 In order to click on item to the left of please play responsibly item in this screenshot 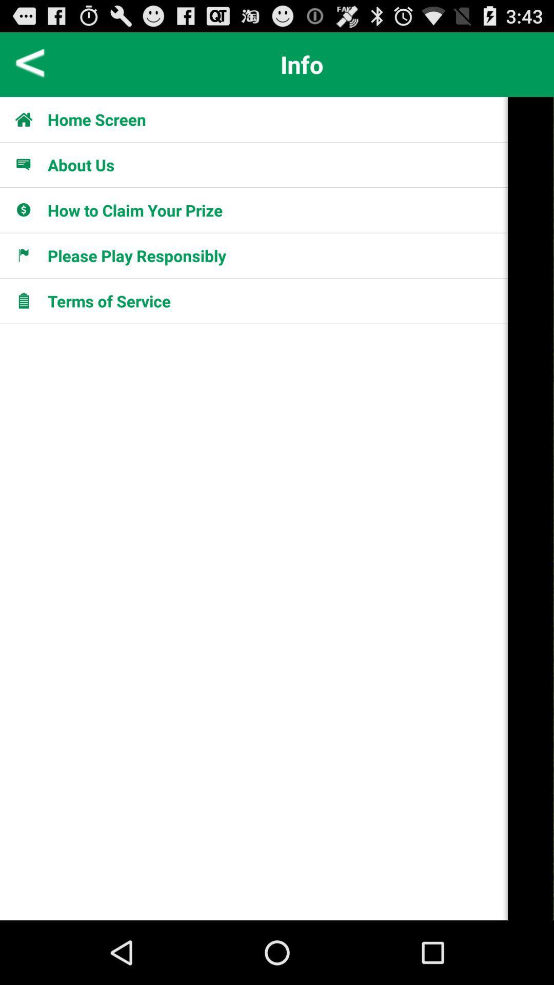, I will do `click(29, 255)`.